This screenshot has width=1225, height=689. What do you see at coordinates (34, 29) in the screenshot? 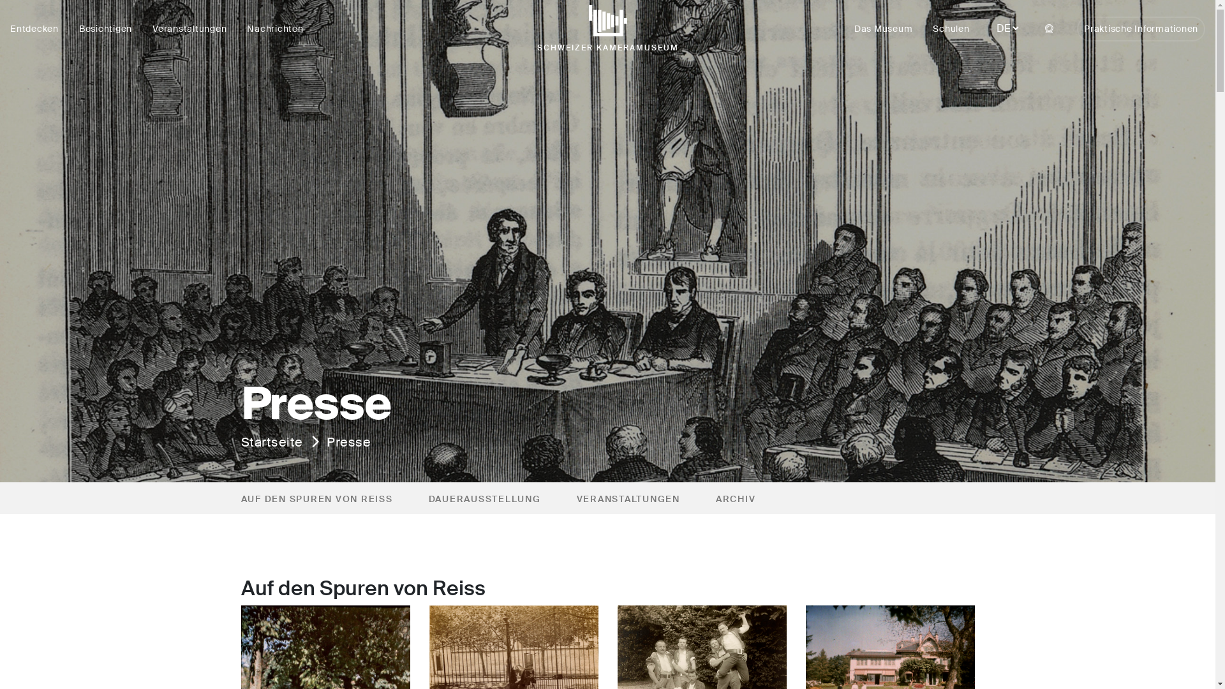
I see `'Entdecken'` at bounding box center [34, 29].